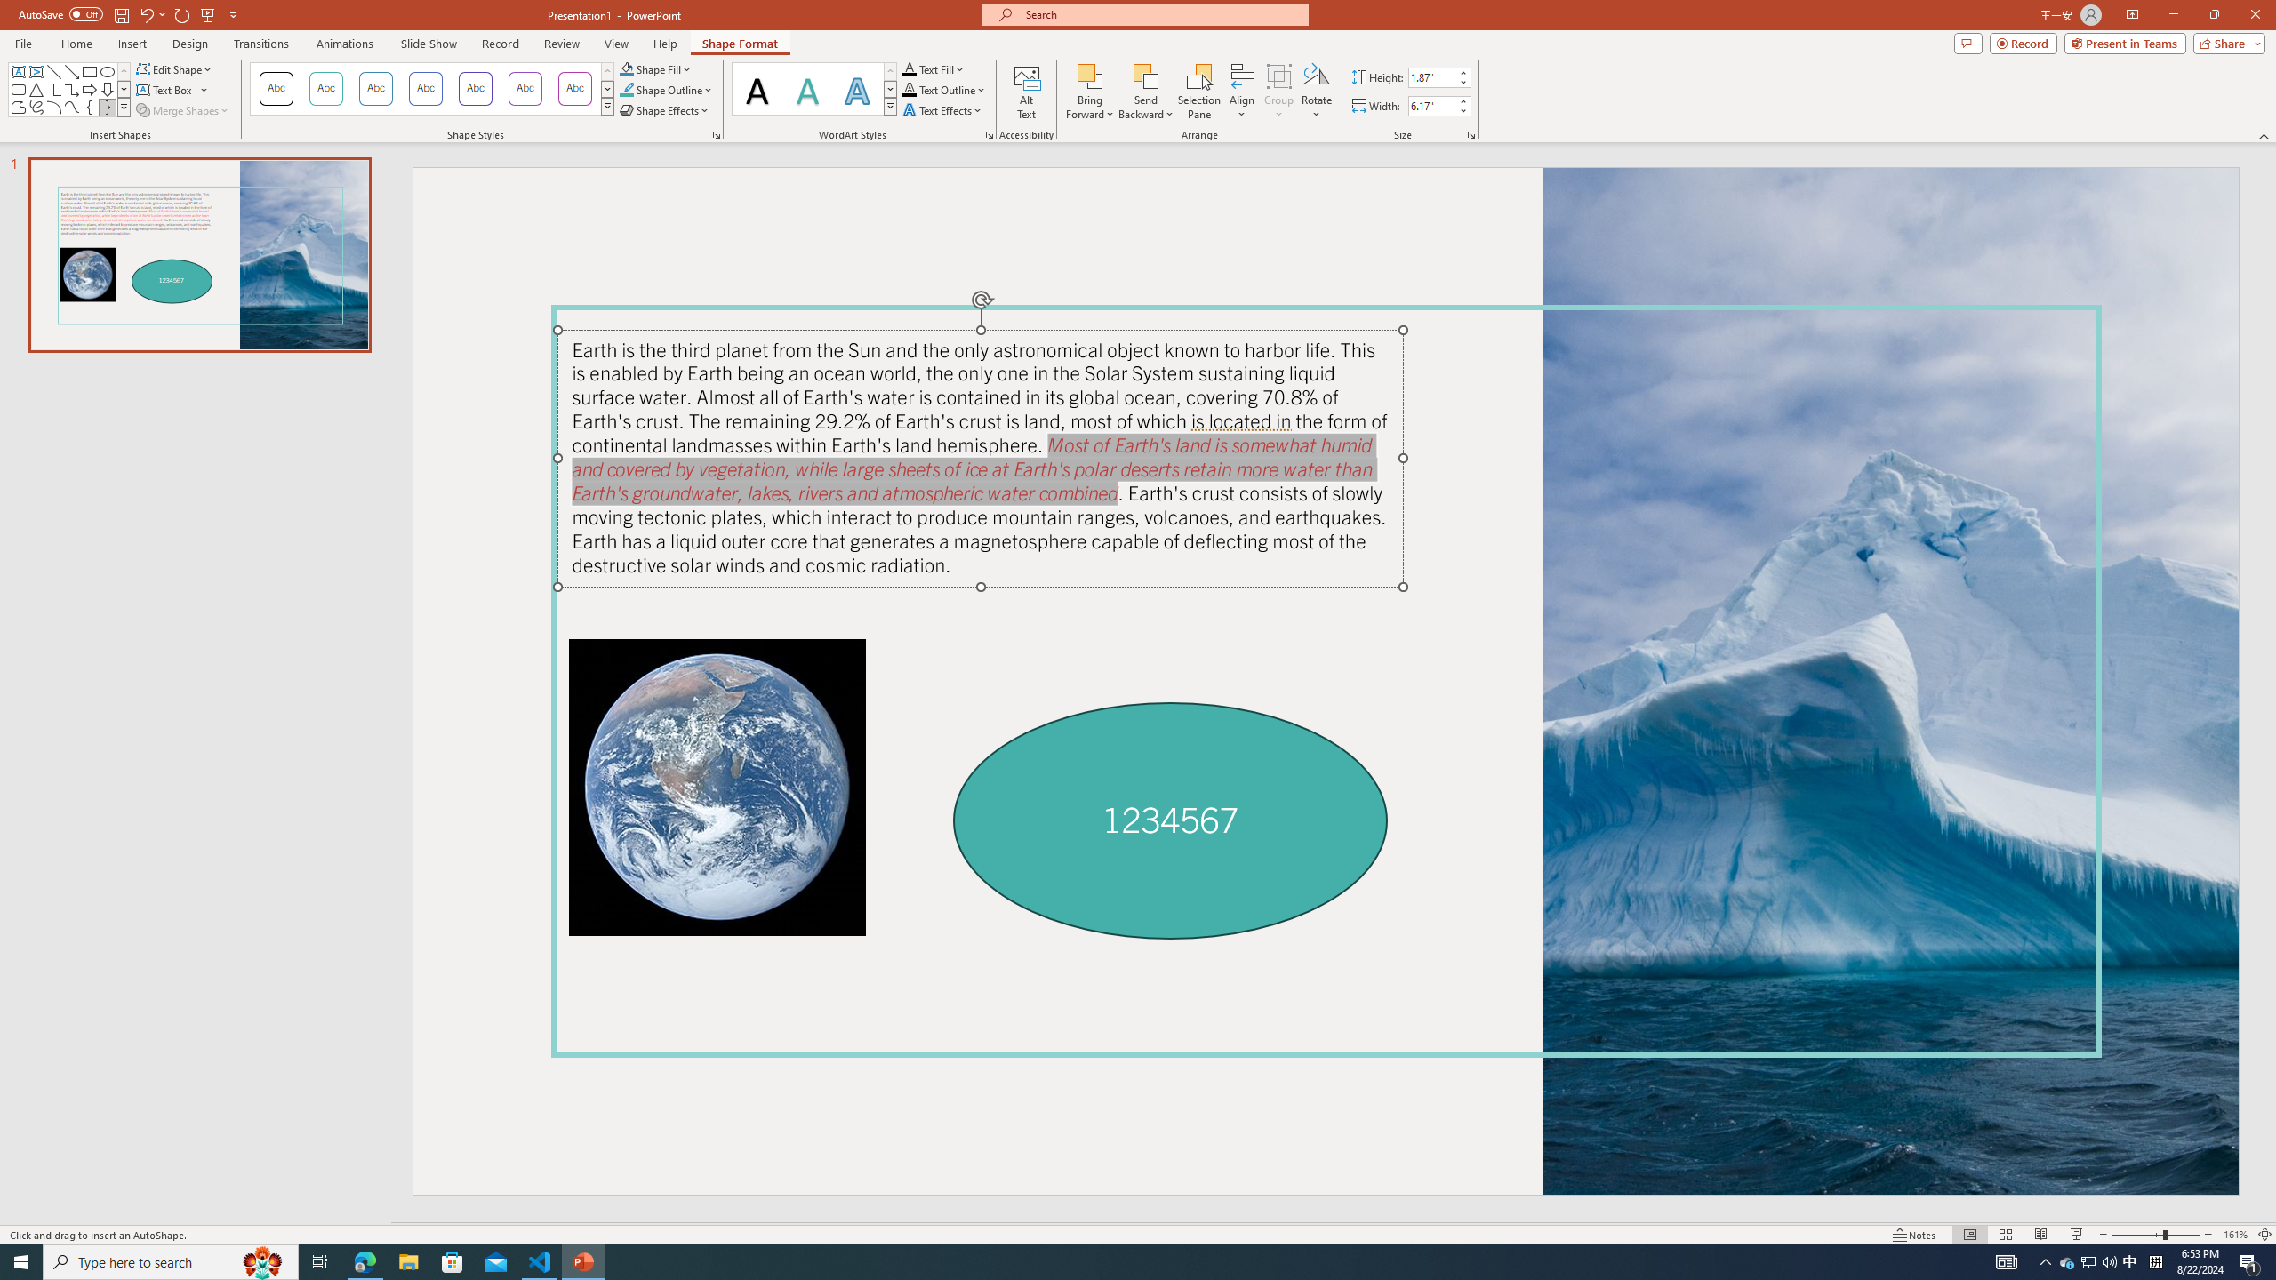 The width and height of the screenshot is (2276, 1280). I want to click on 'Fill: Black, Text color 1; Shadow', so click(757, 88).